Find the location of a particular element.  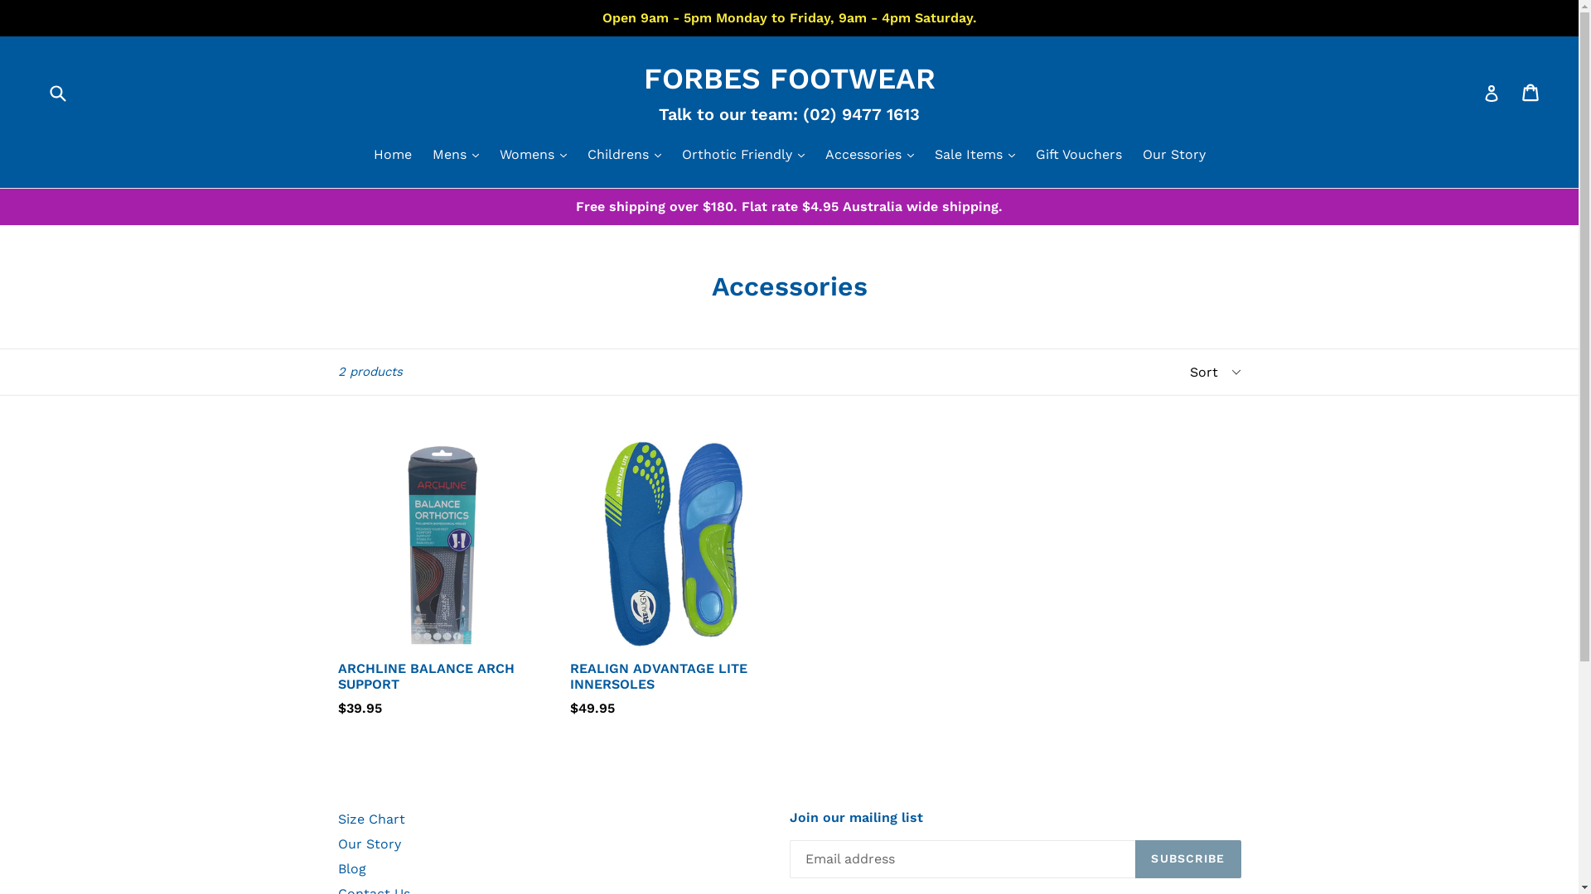

'Log in' is located at coordinates (1492, 92).